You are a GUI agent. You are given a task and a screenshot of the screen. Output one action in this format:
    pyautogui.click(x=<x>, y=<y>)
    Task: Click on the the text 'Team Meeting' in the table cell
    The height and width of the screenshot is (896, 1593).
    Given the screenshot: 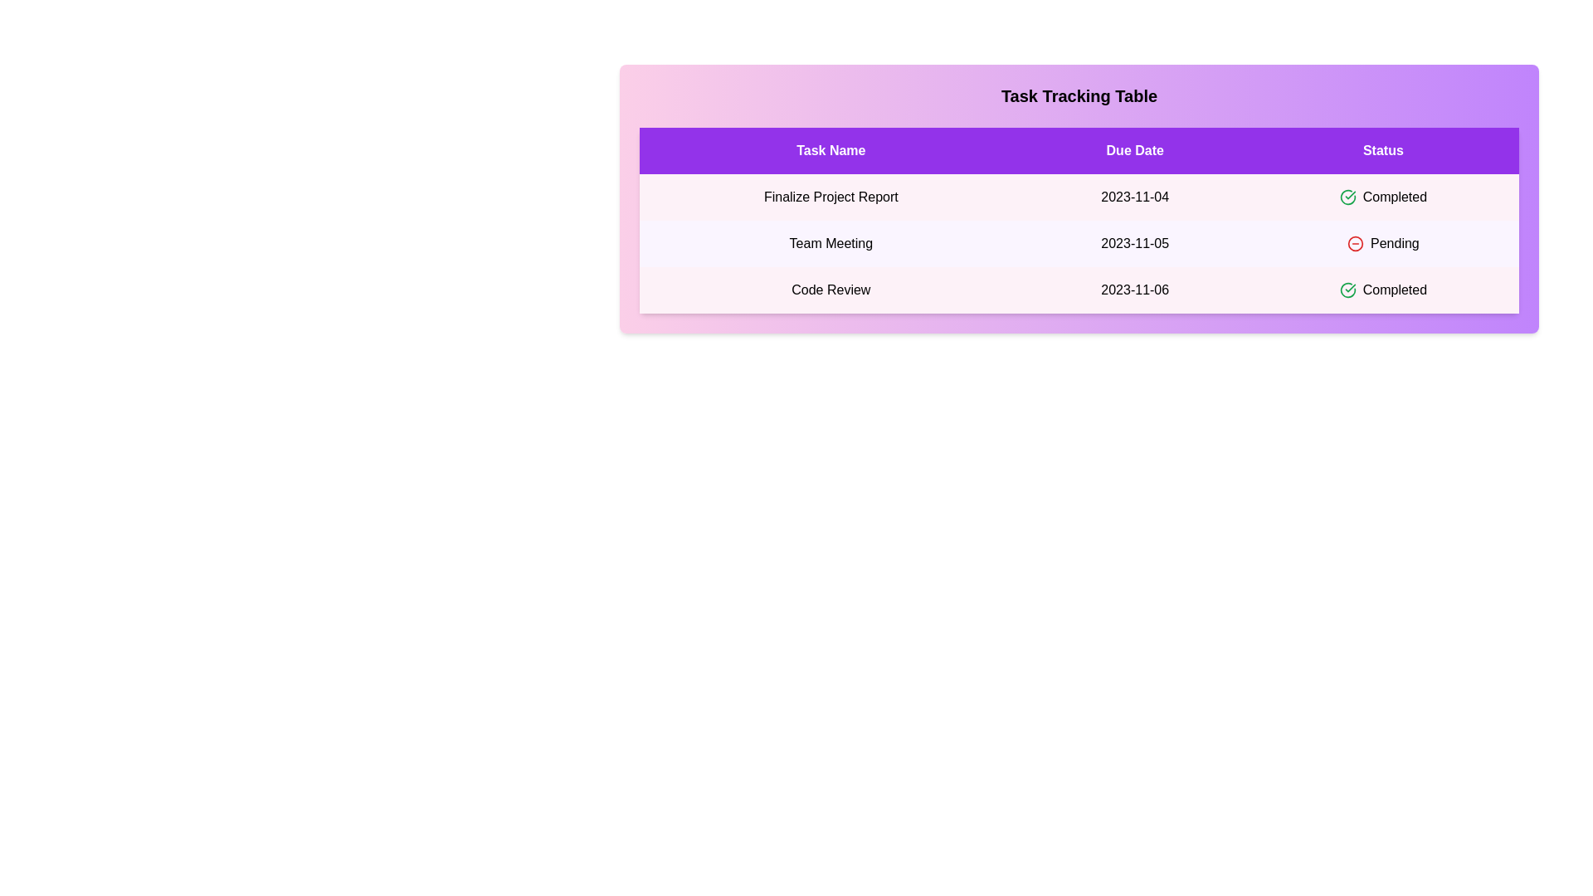 What is the action you would take?
    pyautogui.click(x=831, y=243)
    